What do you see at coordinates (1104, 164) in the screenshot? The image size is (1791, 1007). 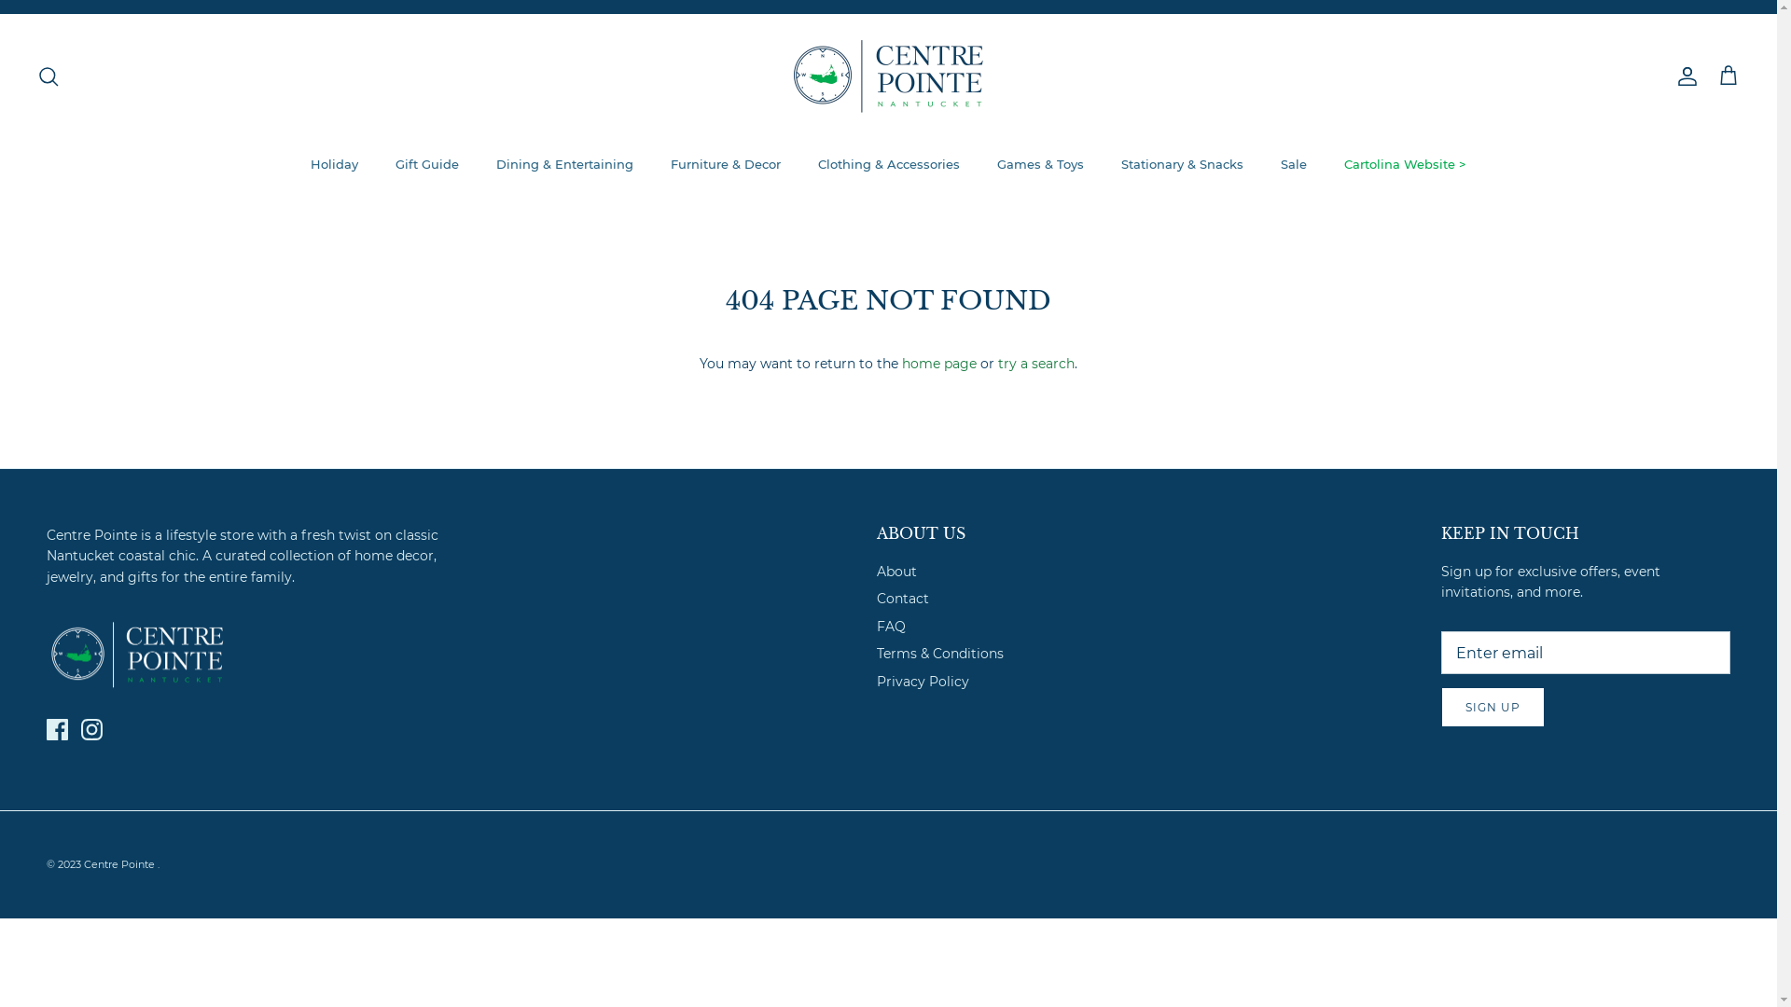 I see `'Stationary & Snacks'` at bounding box center [1104, 164].